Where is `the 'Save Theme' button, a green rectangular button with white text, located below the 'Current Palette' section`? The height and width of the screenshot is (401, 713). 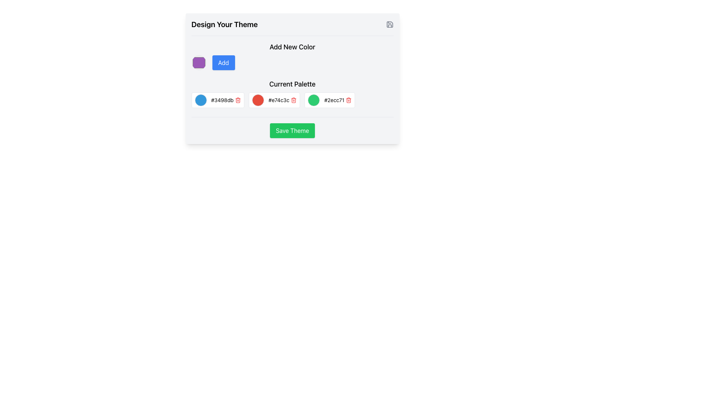
the 'Save Theme' button, a green rectangular button with white text, located below the 'Current Palette' section is located at coordinates (292, 130).